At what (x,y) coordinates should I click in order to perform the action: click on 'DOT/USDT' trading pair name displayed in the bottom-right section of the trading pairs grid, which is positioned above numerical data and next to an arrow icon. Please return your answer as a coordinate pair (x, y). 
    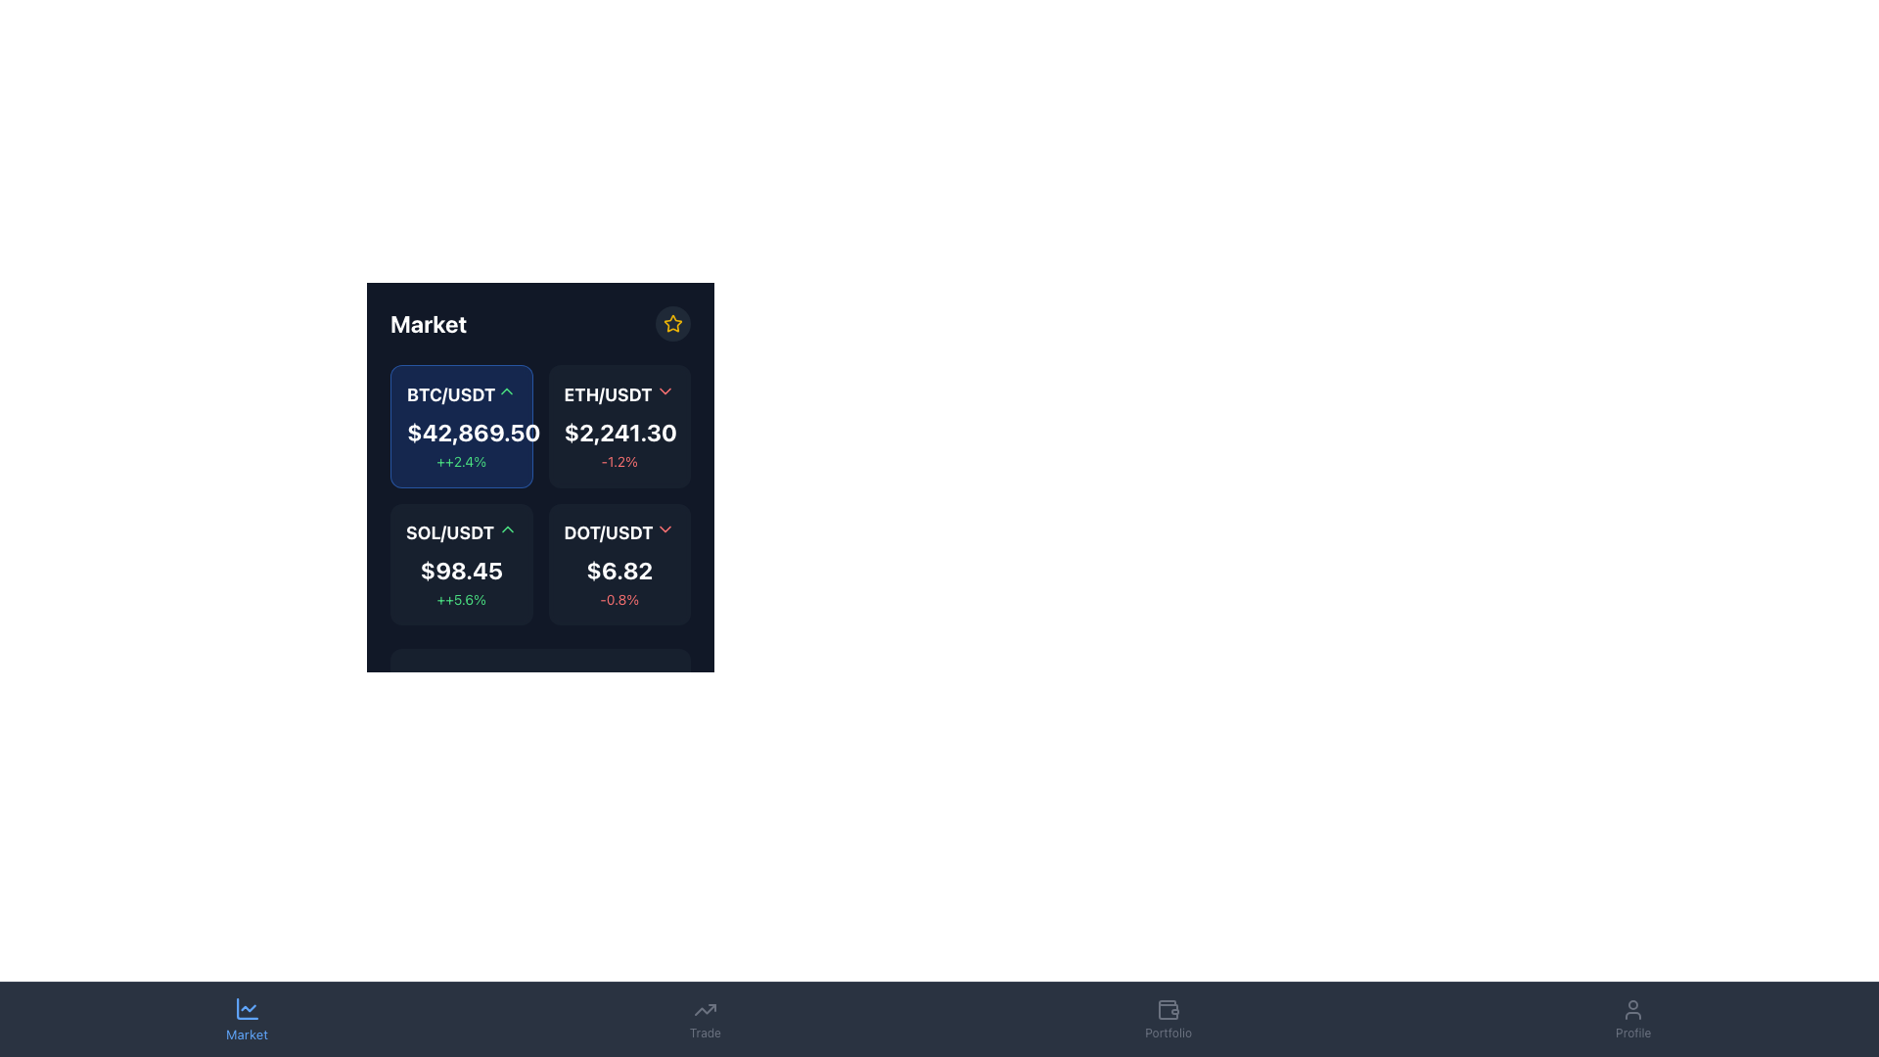
    Looking at the image, I should click on (608, 532).